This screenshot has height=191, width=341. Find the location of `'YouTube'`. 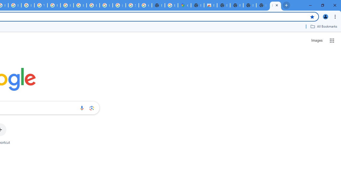

'YouTube' is located at coordinates (40, 5).